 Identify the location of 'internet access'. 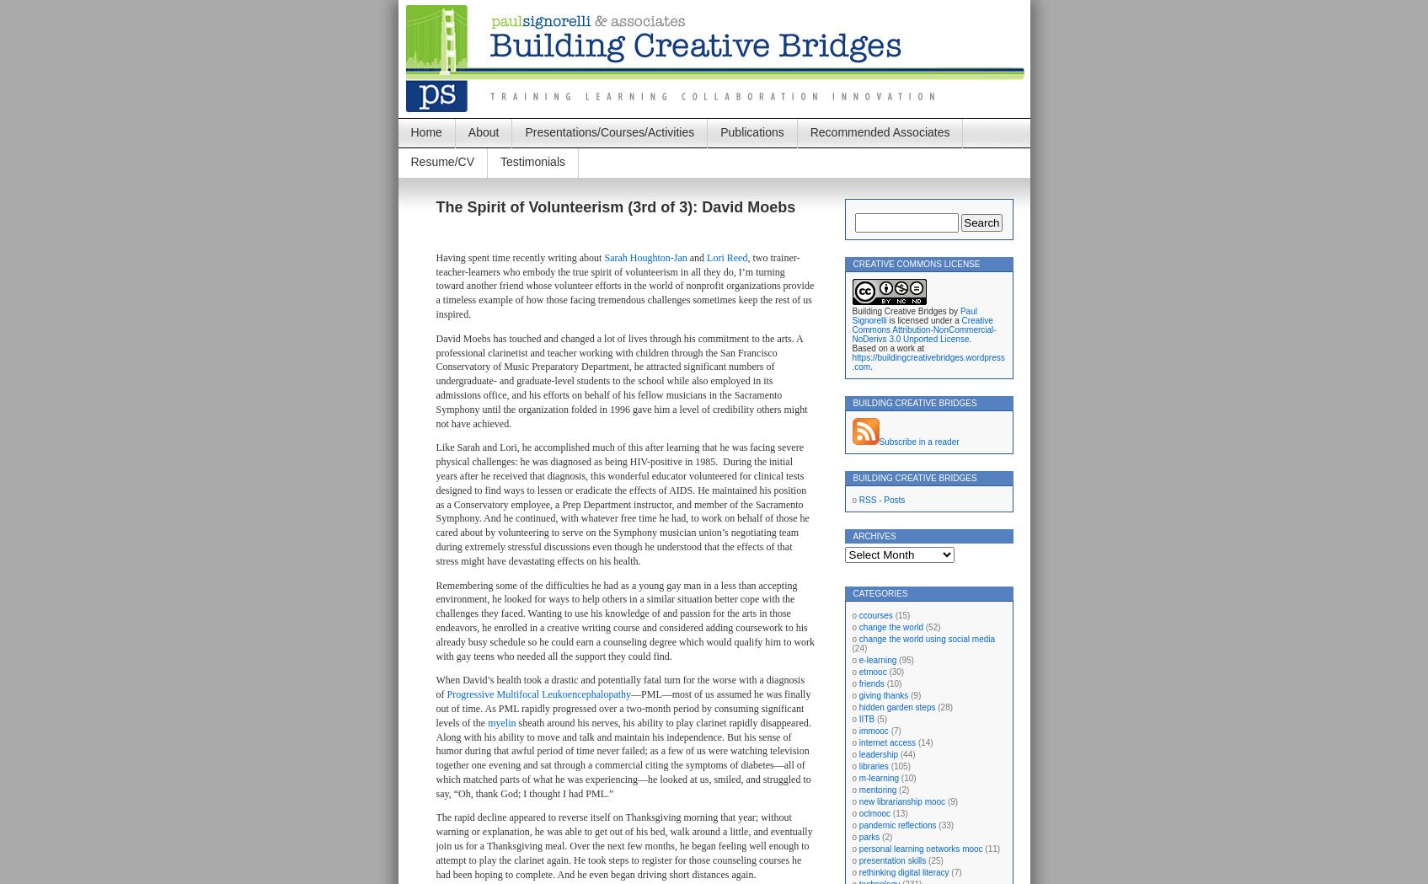
(886, 742).